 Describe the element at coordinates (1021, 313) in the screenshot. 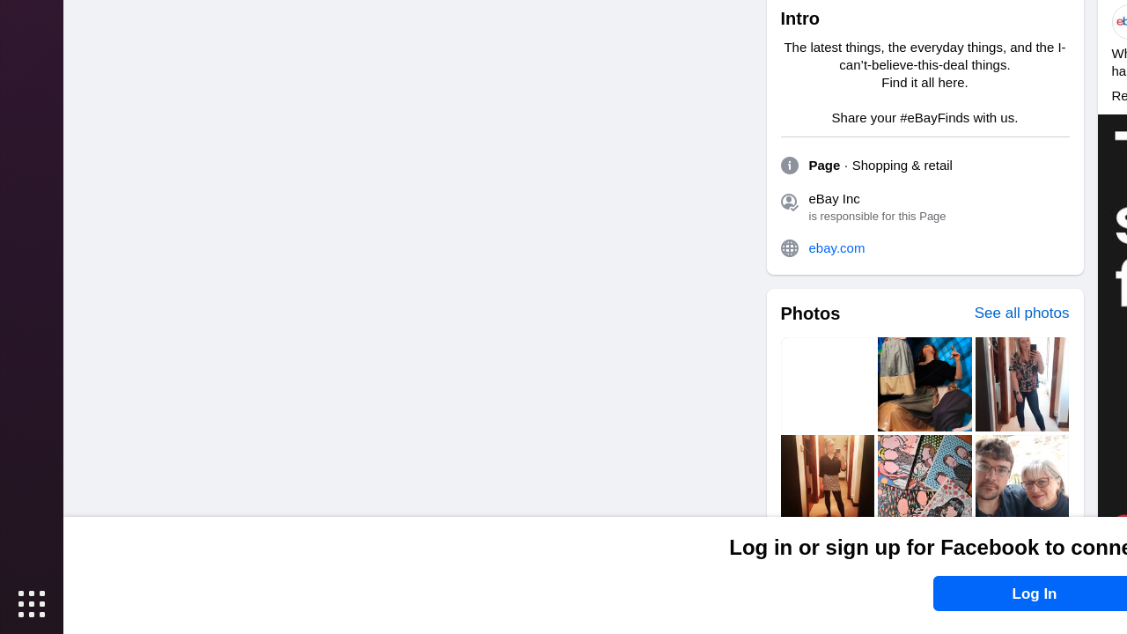

I see `'See all photos'` at that location.